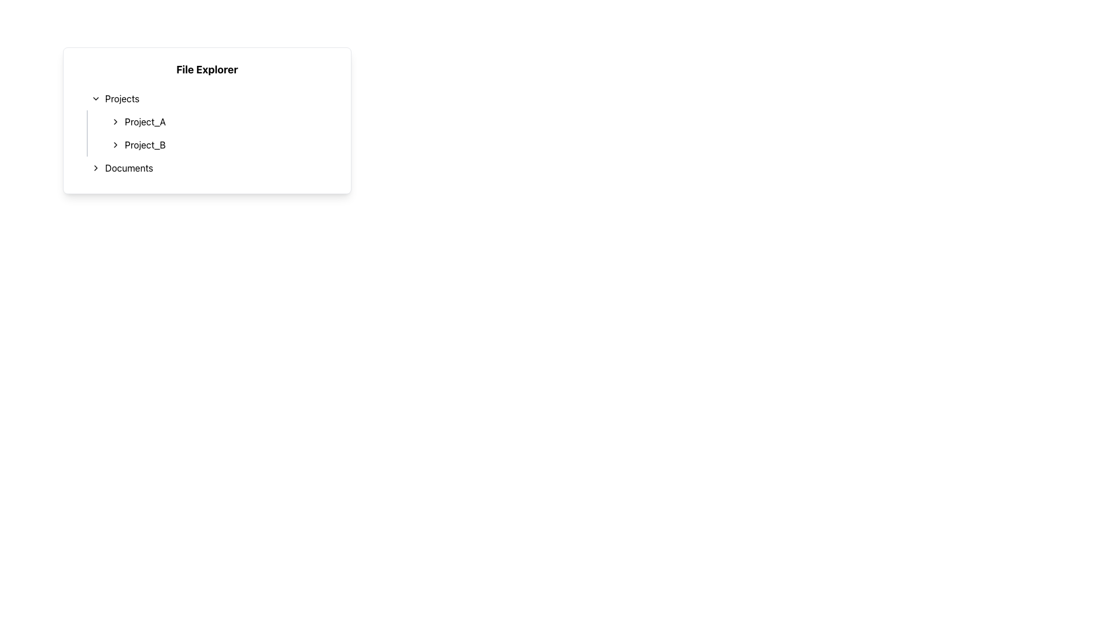 The width and height of the screenshot is (1110, 624). What do you see at coordinates (212, 133) in the screenshot?
I see `the listed project in the vertical list under the 'Projects' section of the file explorer interface` at bounding box center [212, 133].